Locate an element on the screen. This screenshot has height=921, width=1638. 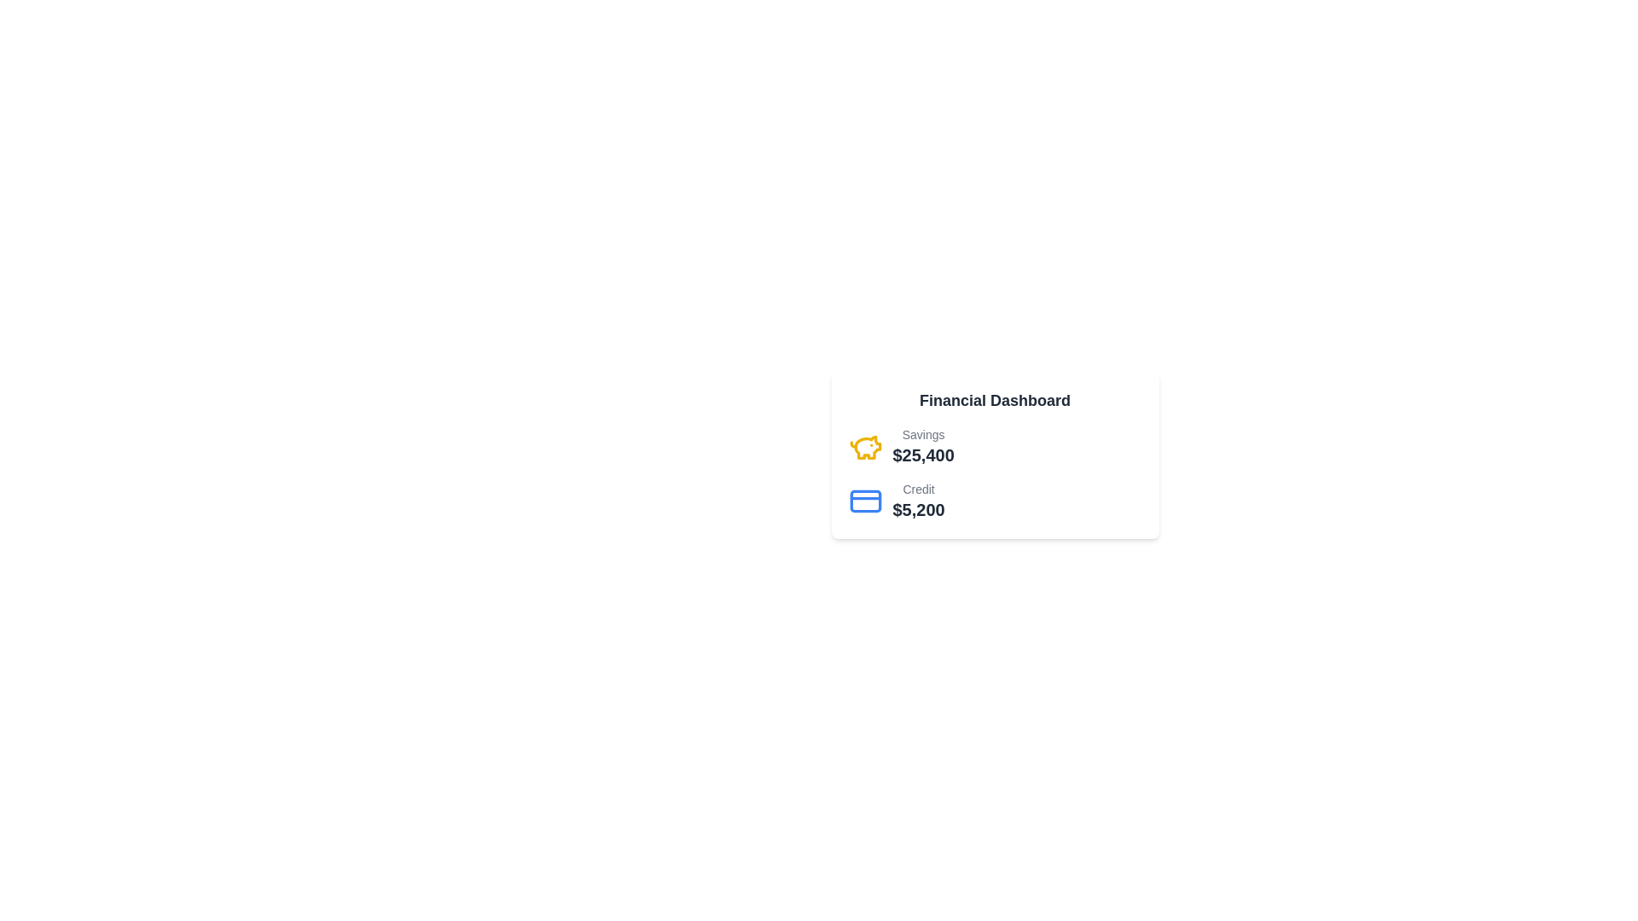
displayed value of the bold numeral '$5,200' located within the financial dashboard, directly beneath the 'Credit' label is located at coordinates (918, 508).